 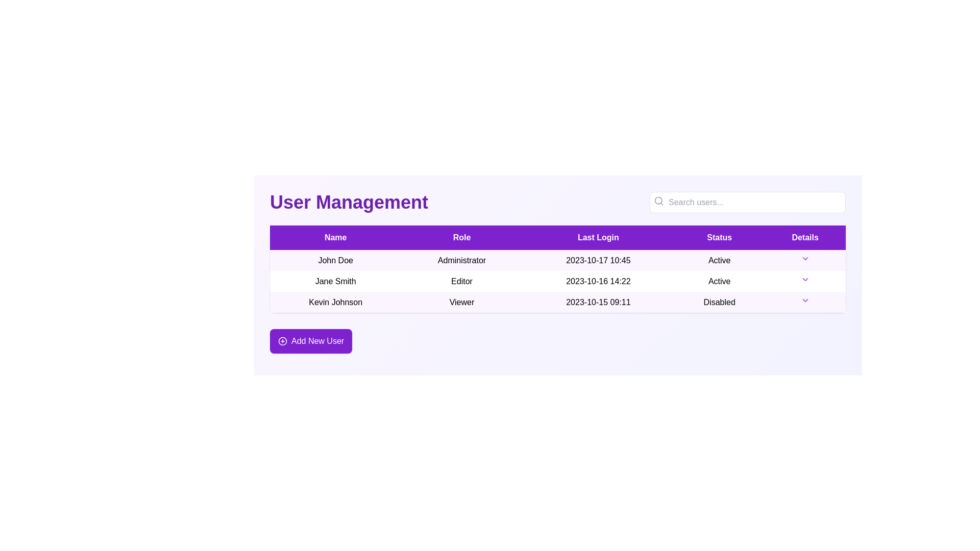 What do you see at coordinates (719, 302) in the screenshot?
I see `text from the rectangular cell labeled 'Disabled' in the 'Status' column of the third row for the user 'Kevin Johnson'` at bounding box center [719, 302].